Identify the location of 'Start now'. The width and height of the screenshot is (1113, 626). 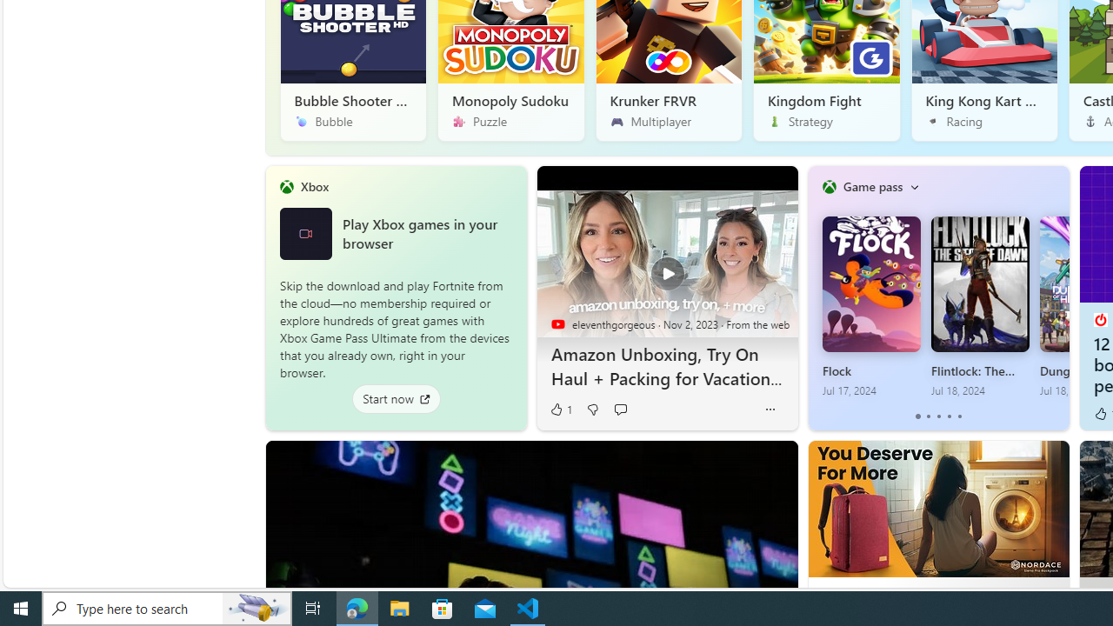
(395, 398).